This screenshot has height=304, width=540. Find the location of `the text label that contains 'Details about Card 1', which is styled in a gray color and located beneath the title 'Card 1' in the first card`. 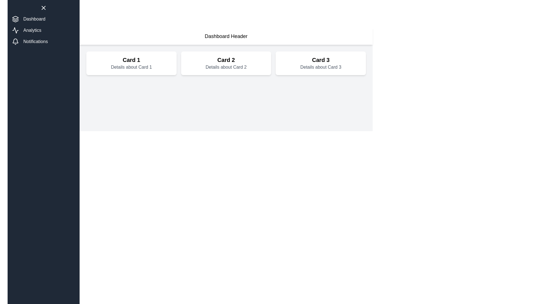

the text label that contains 'Details about Card 1', which is styled in a gray color and located beneath the title 'Card 1' in the first card is located at coordinates (131, 67).